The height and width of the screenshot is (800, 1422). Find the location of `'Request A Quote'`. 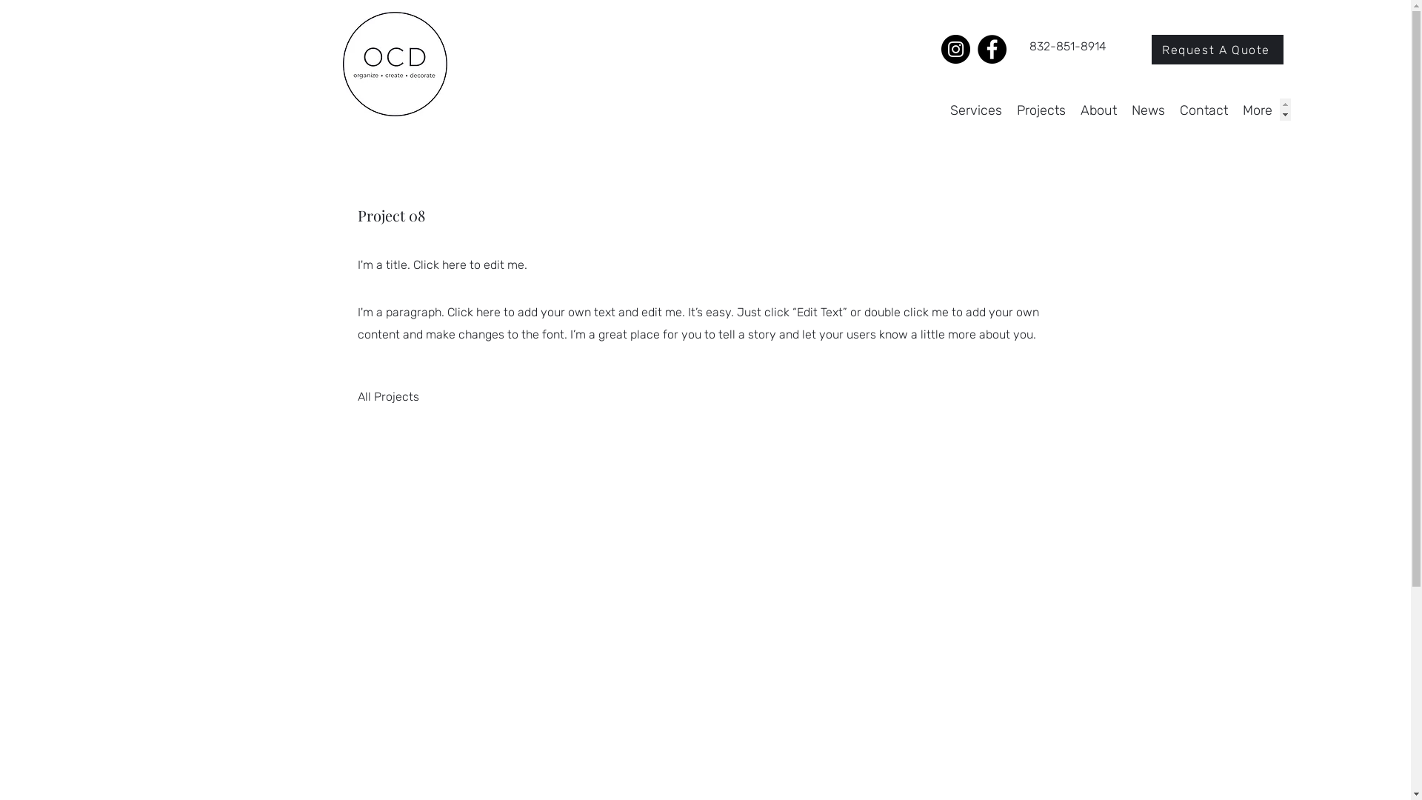

'Request A Quote' is located at coordinates (1217, 48).